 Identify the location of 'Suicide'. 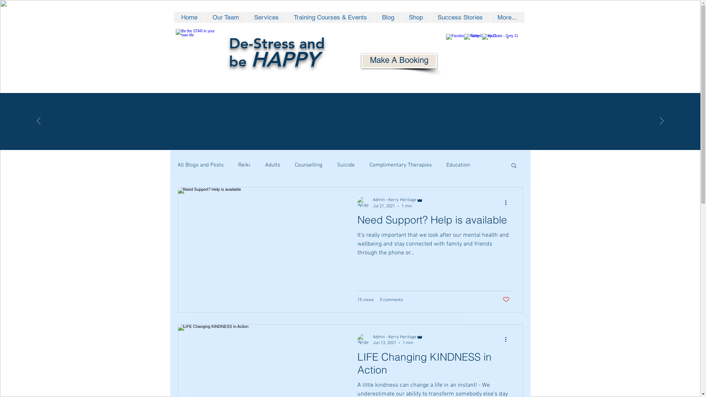
(345, 164).